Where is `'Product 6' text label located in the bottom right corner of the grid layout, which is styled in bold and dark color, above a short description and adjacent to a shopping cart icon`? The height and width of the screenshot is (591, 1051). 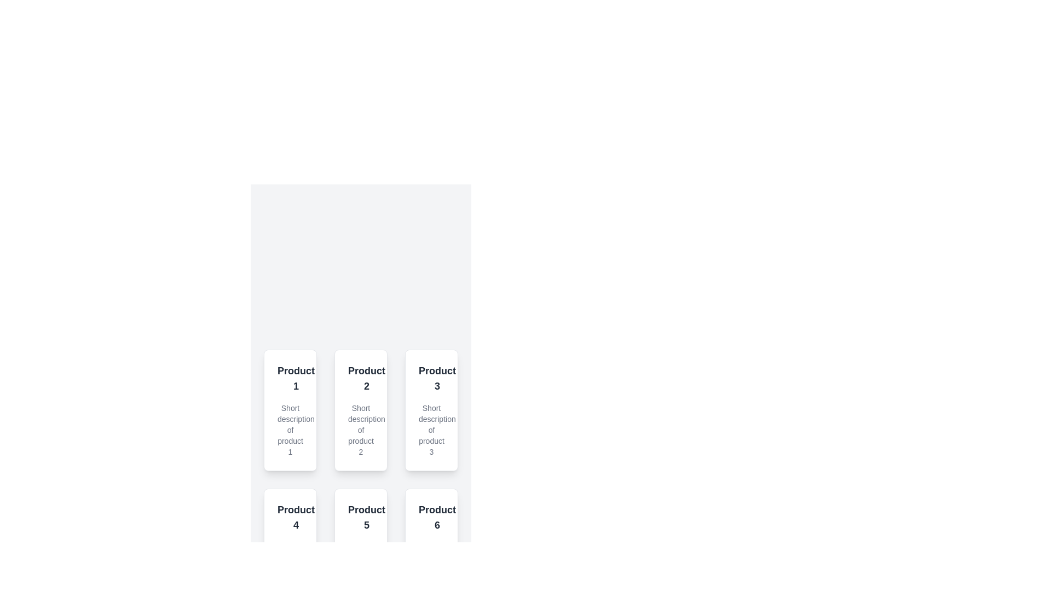 'Product 6' text label located in the bottom right corner of the grid layout, which is styled in bold and dark color, above a short description and adjacent to a shopping cart icon is located at coordinates (431, 517).